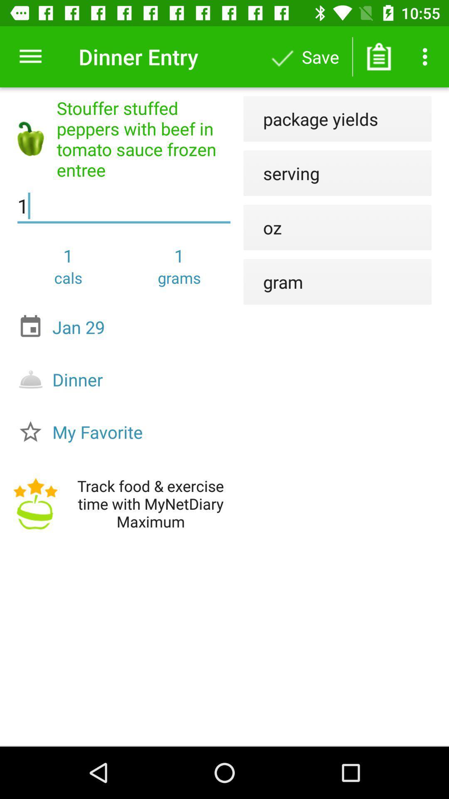 The height and width of the screenshot is (799, 449). Describe the element at coordinates (273, 282) in the screenshot. I see `the   gram item` at that location.